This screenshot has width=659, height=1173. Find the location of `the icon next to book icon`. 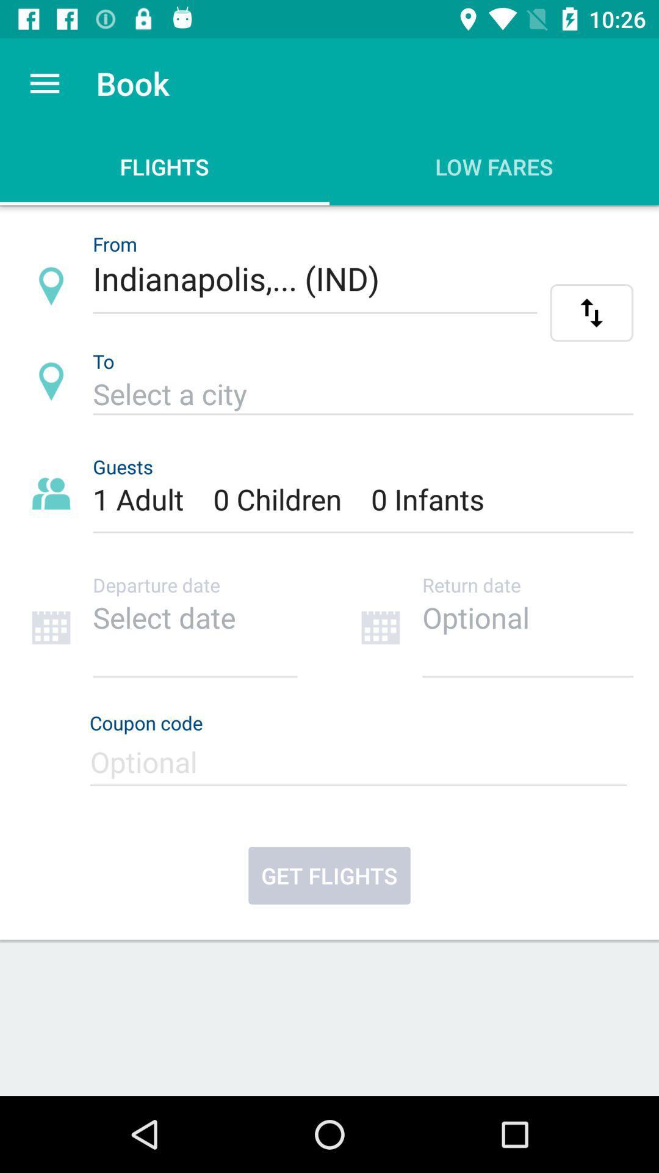

the icon next to book icon is located at coordinates (44, 82).